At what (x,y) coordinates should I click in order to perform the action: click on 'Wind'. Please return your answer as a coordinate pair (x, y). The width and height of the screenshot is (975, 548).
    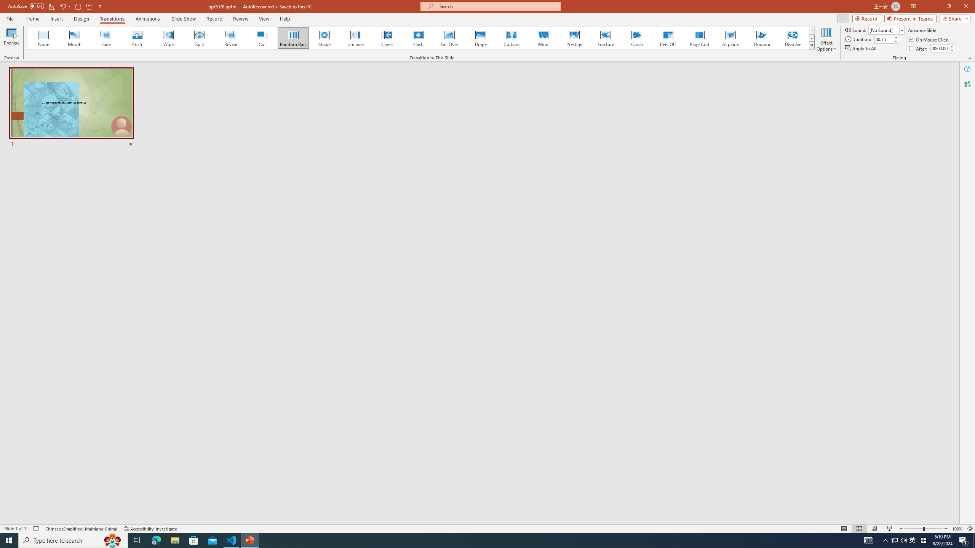
    Looking at the image, I should click on (542, 38).